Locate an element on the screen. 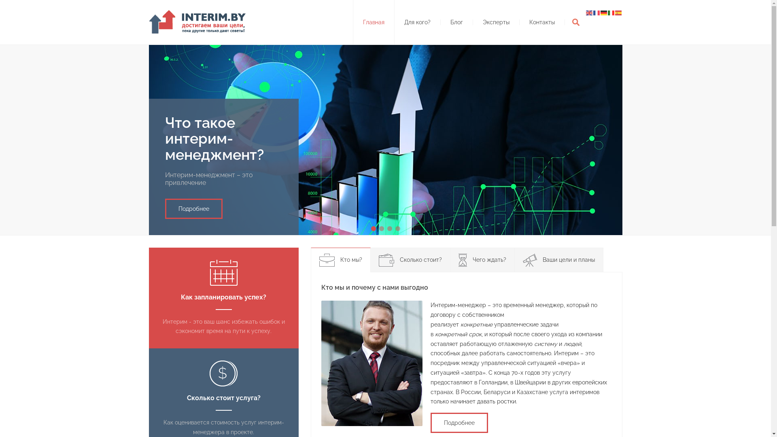 The width and height of the screenshot is (777, 437). 'icon2 image' is located at coordinates (223, 373).